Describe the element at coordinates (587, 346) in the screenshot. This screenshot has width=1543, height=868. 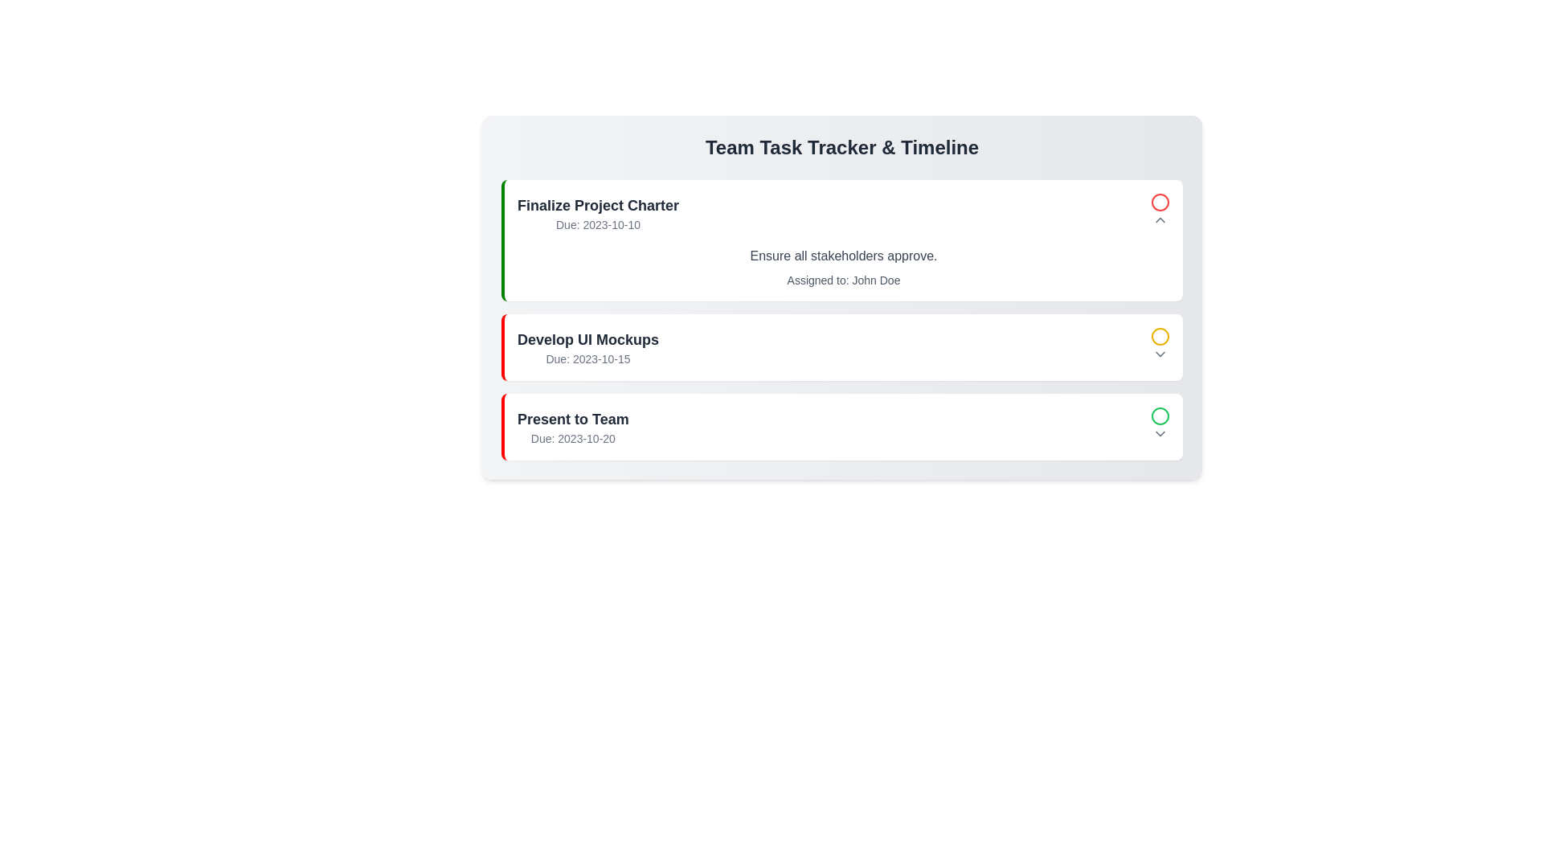
I see `information presented in the text block titled 'Develop UI Mockups', which includes the due date 'Due: 2023-10-15'` at that location.